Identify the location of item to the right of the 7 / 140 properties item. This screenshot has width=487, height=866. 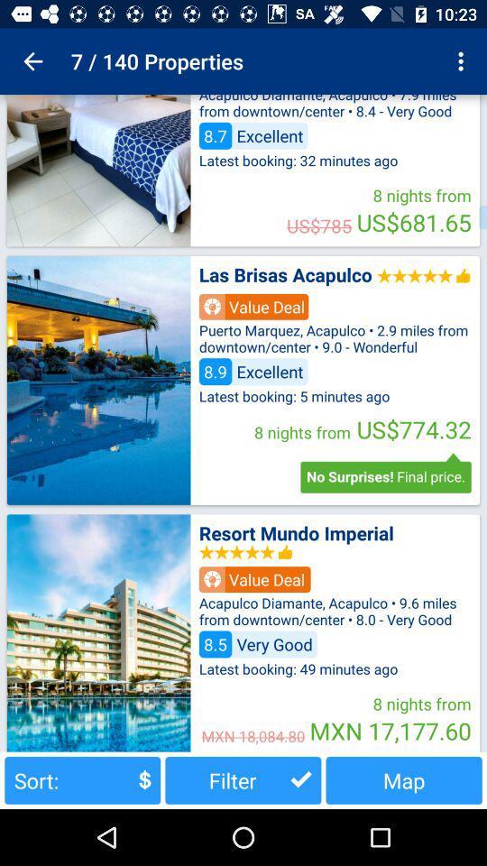
(463, 61).